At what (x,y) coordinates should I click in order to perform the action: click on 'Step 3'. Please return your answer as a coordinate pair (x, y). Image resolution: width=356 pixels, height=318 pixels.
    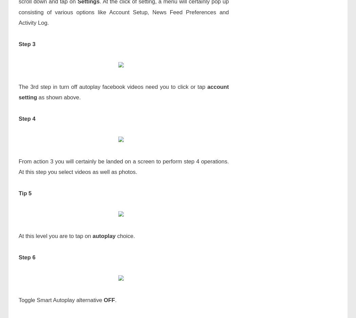
    Looking at the image, I should click on (18, 44).